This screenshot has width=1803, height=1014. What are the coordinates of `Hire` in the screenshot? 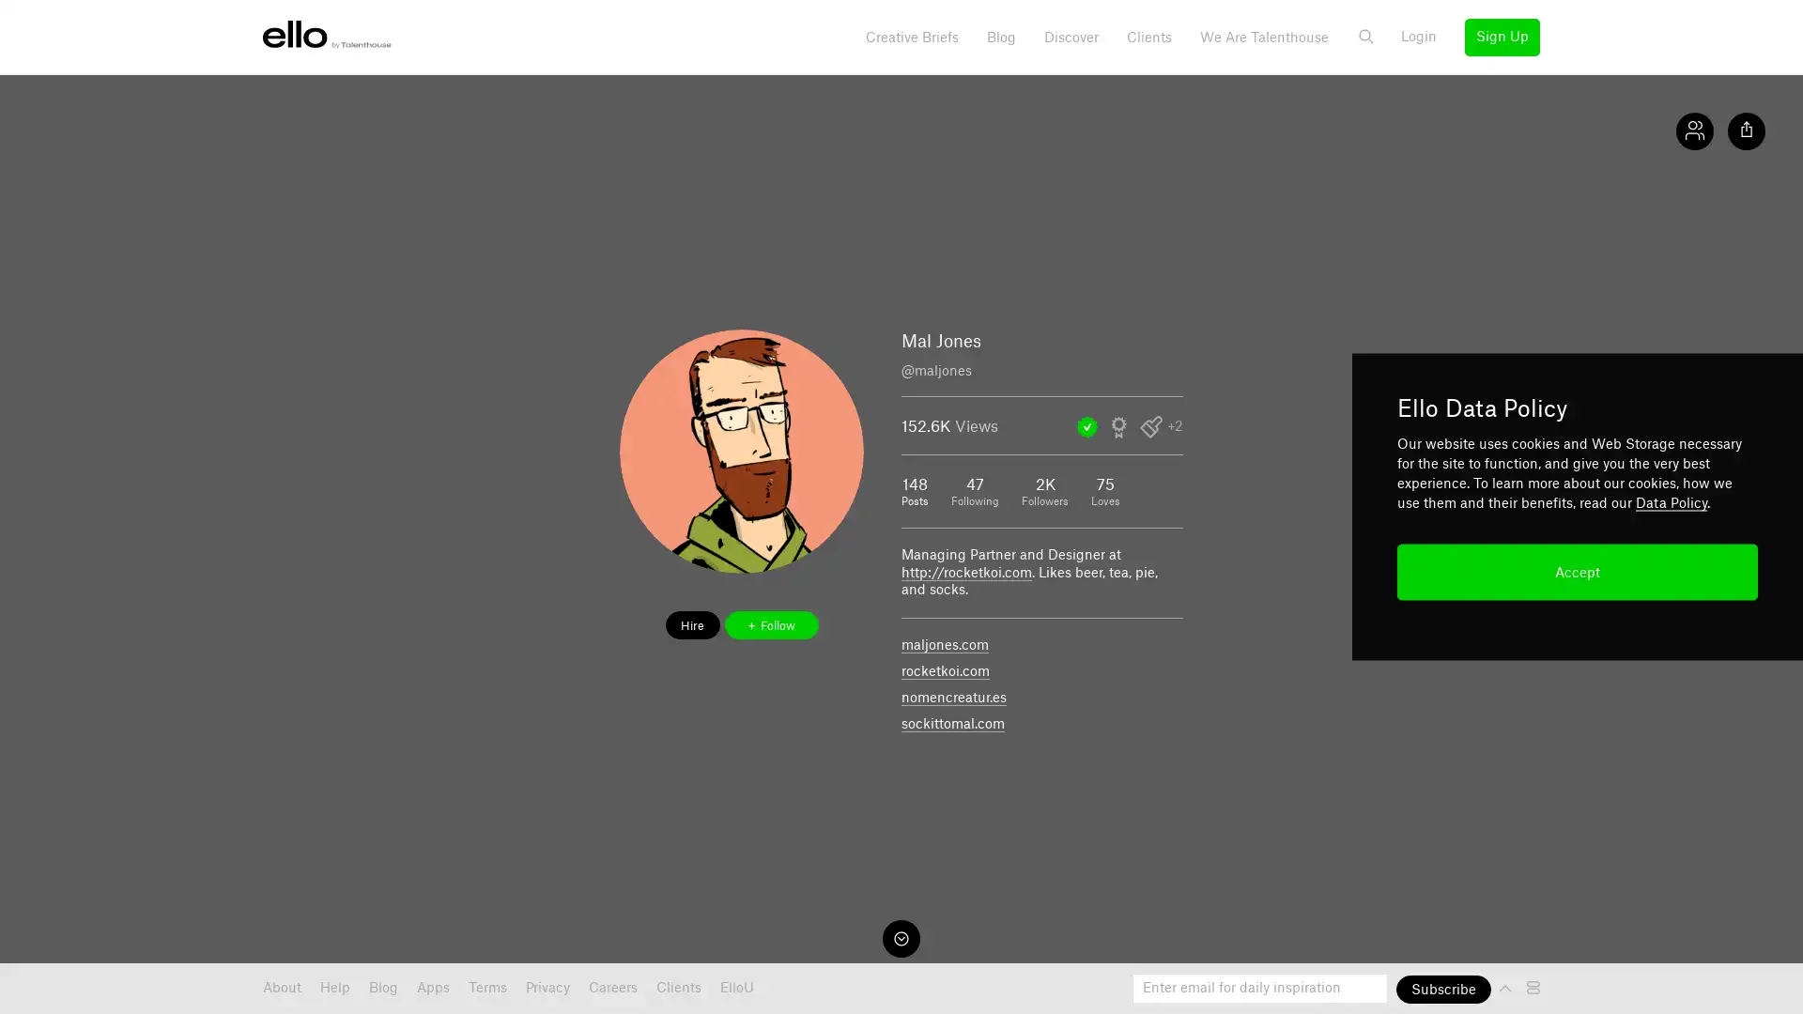 It's located at (691, 625).